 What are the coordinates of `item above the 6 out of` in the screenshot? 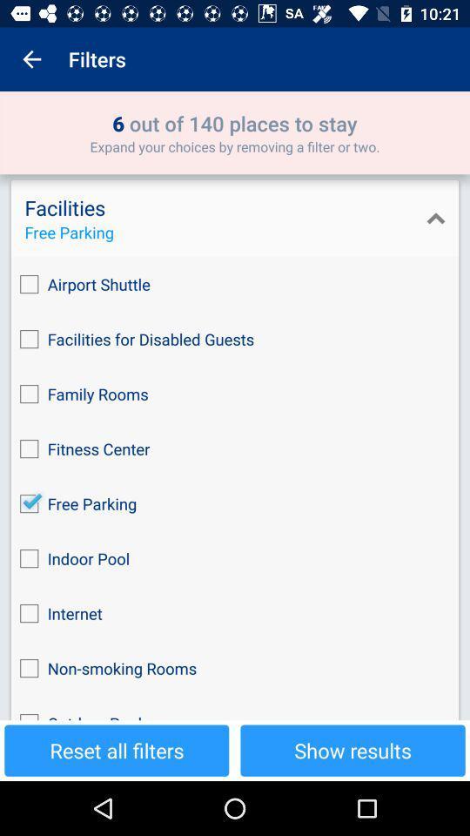 It's located at (31, 59).